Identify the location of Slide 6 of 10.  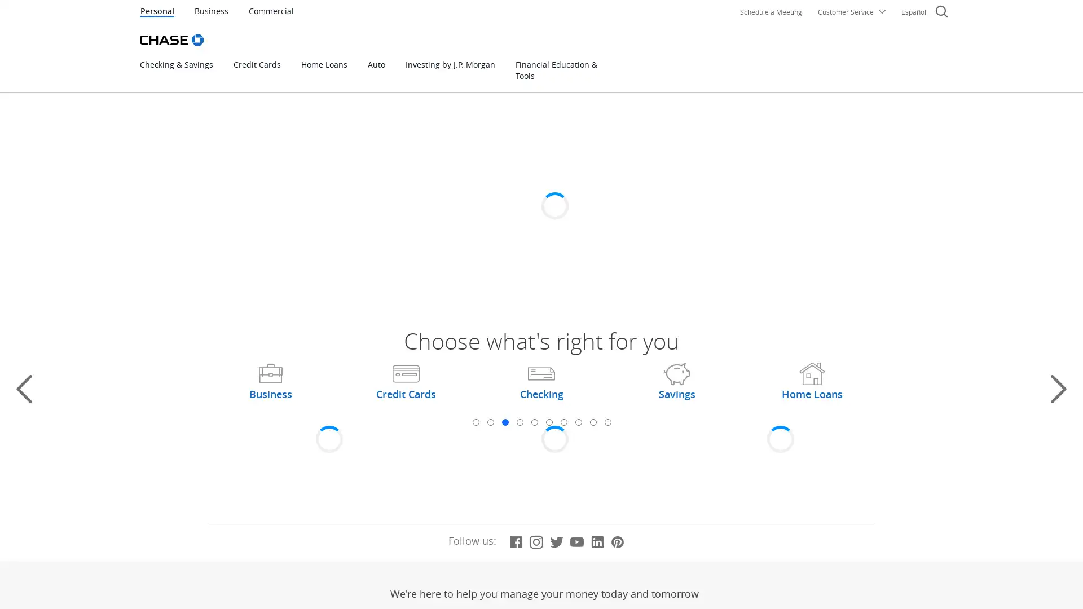
(549, 422).